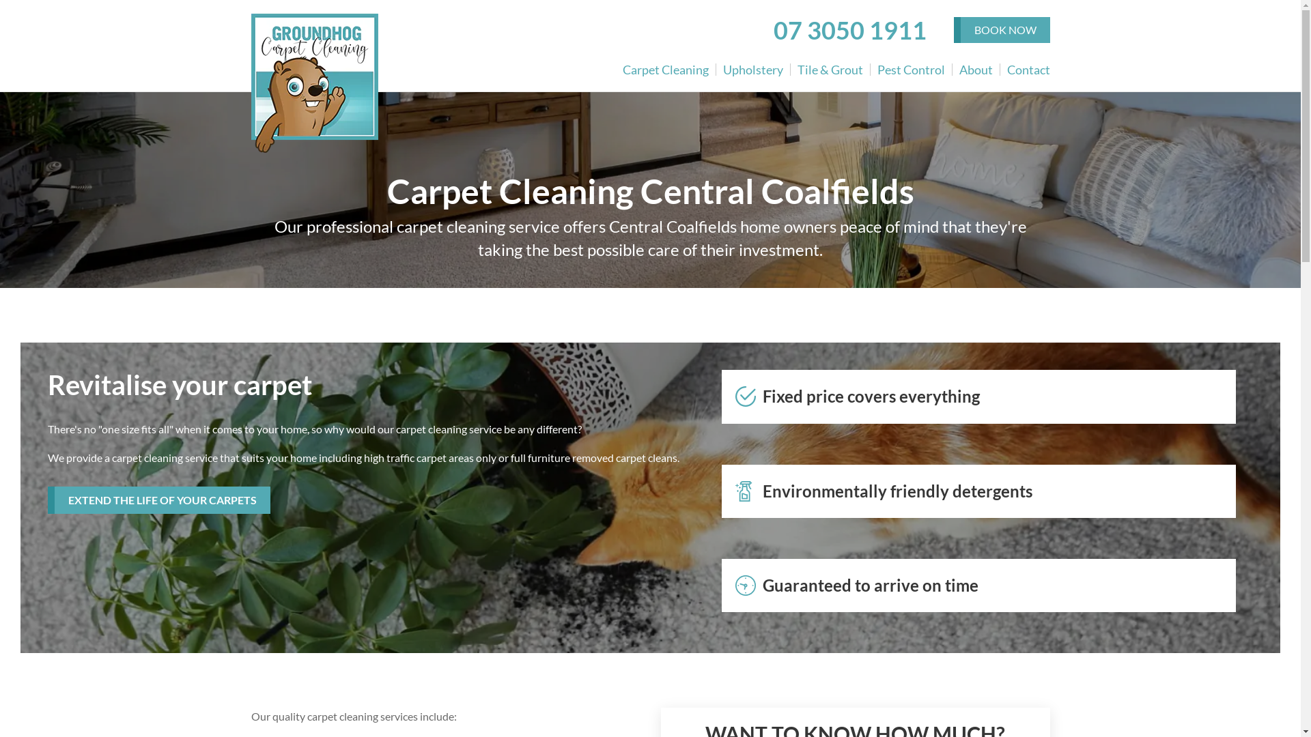 Image resolution: width=1311 pixels, height=737 pixels. What do you see at coordinates (752, 69) in the screenshot?
I see `'Upholstery'` at bounding box center [752, 69].